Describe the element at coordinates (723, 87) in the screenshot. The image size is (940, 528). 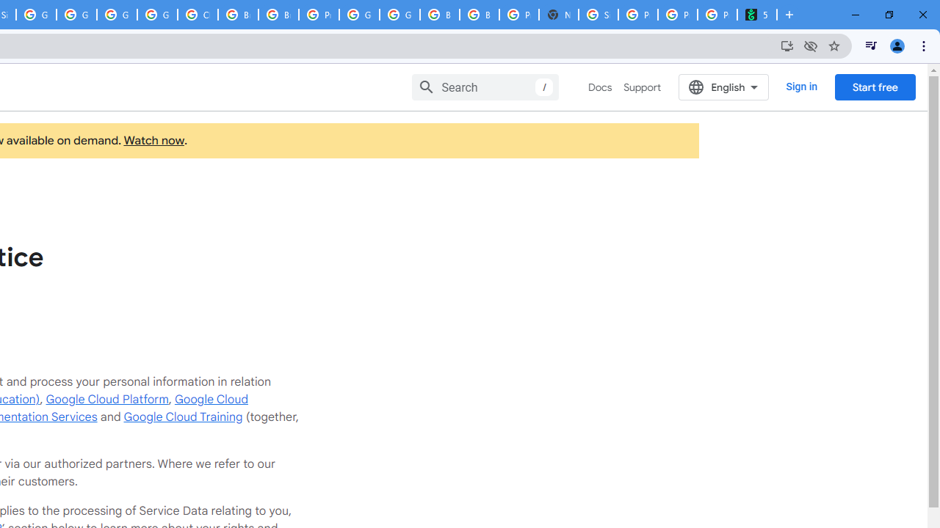
I see `'English'` at that location.